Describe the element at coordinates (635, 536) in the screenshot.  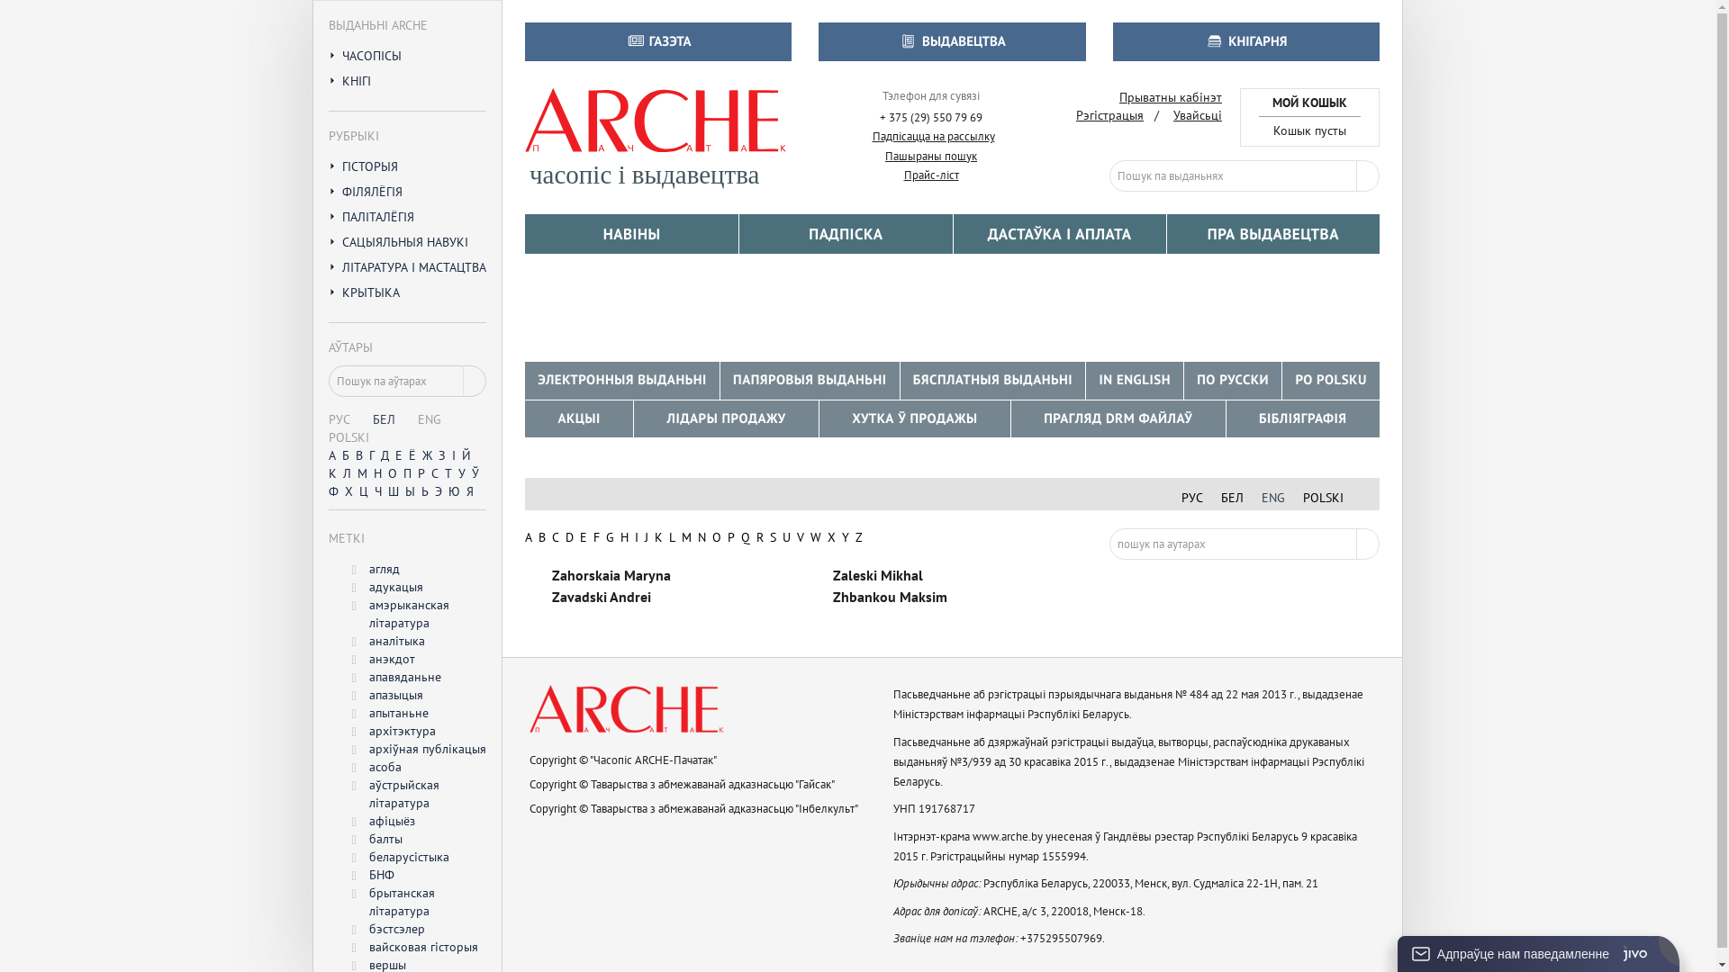
I see `'I'` at that location.